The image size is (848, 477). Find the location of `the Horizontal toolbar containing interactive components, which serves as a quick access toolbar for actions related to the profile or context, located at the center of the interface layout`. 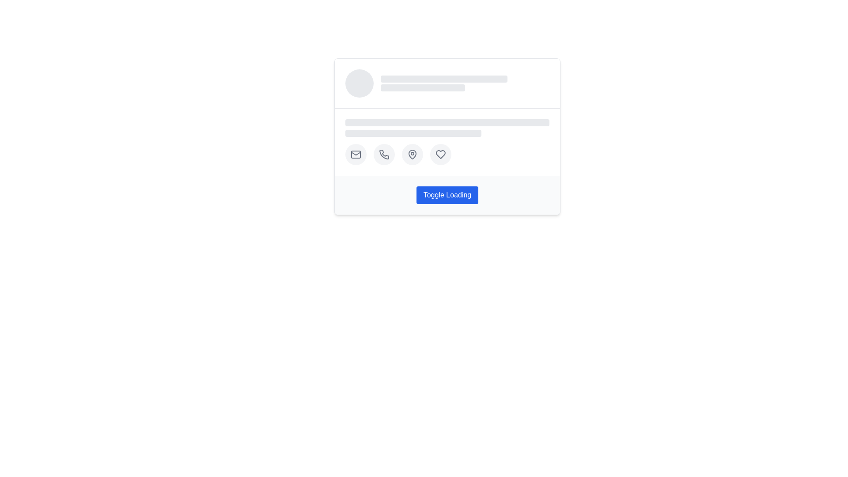

the Horizontal toolbar containing interactive components, which serves as a quick access toolbar for actions related to the profile or context, located at the center of the interface layout is located at coordinates (447, 154).